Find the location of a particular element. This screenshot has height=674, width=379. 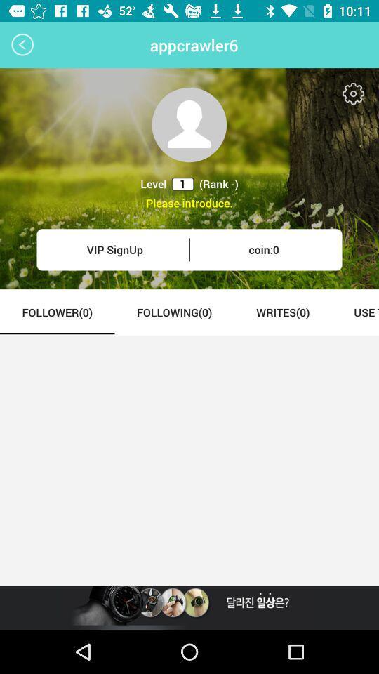

the icon to the right of the following(0) item is located at coordinates (283, 312).